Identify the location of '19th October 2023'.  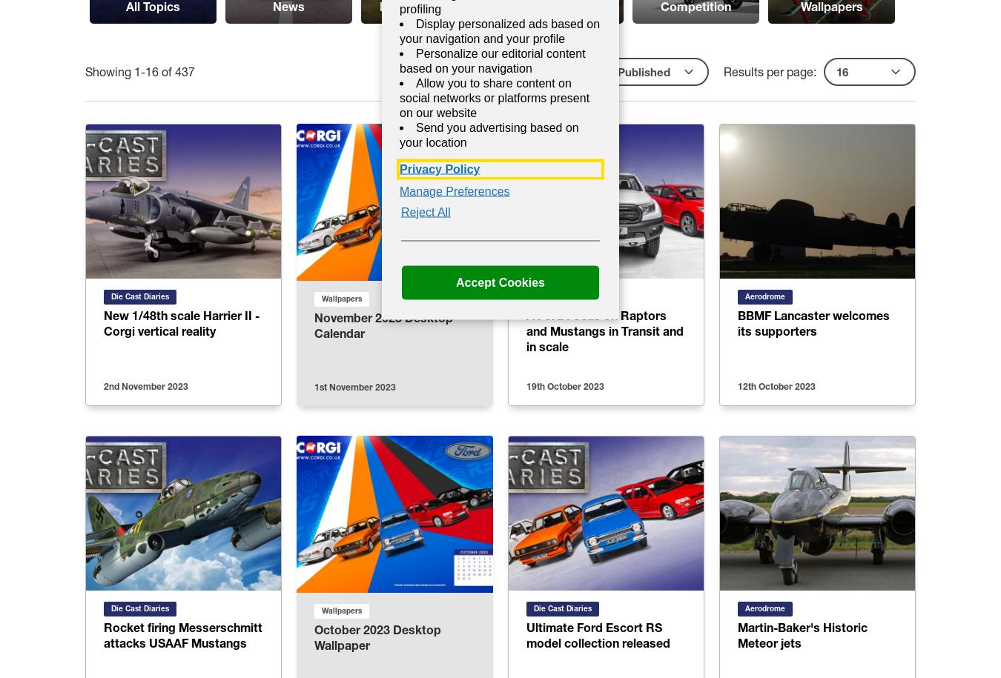
(564, 386).